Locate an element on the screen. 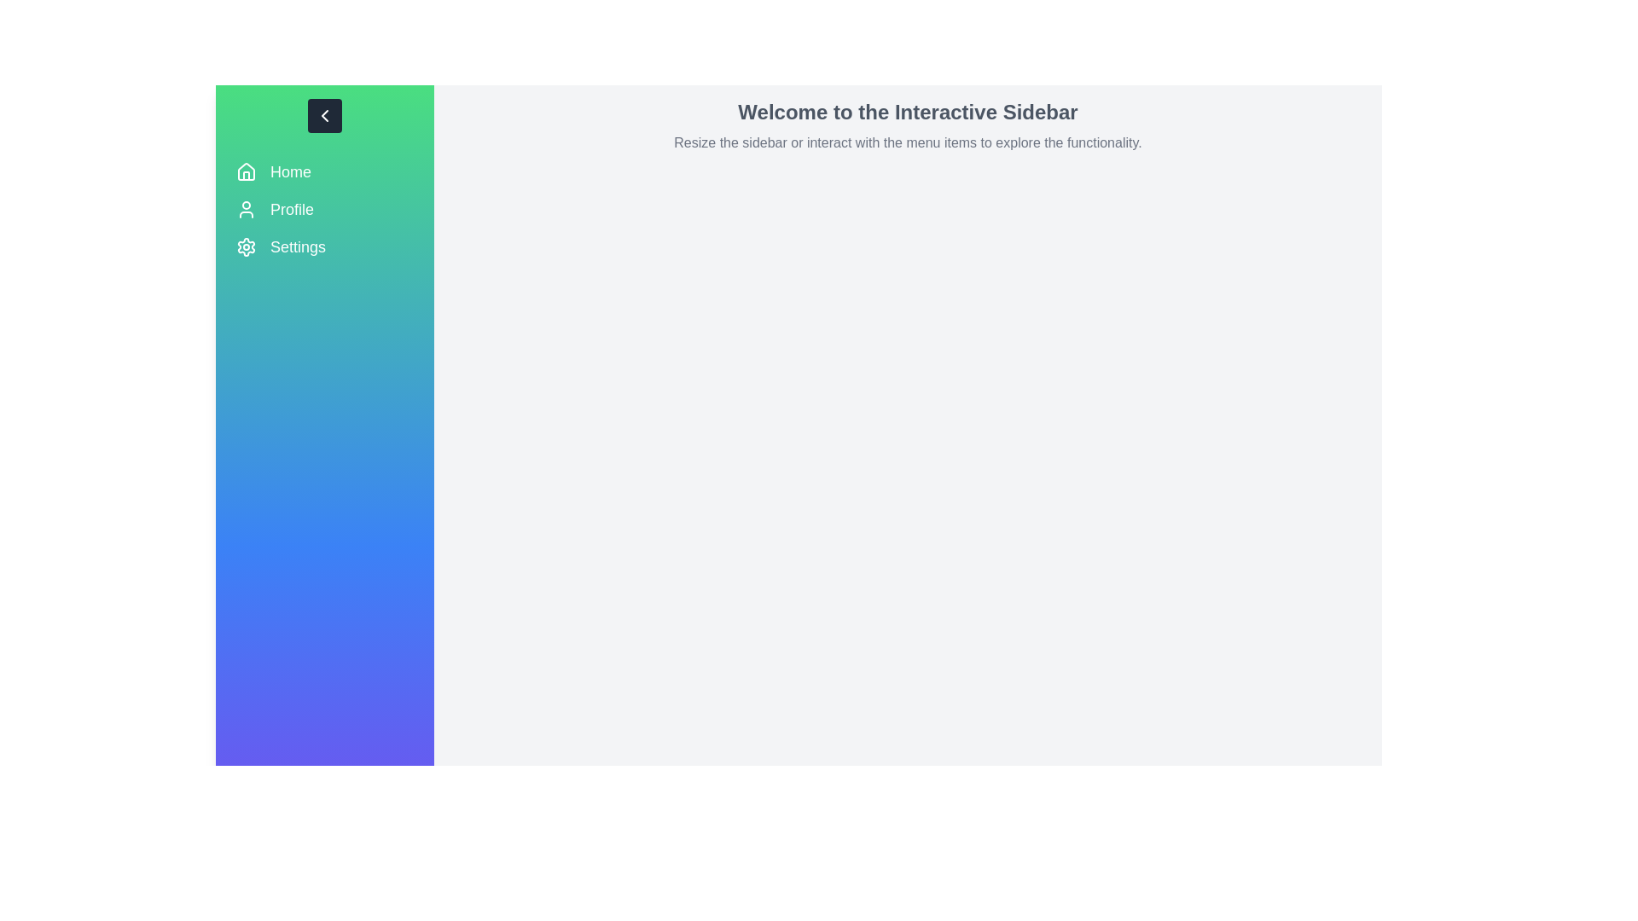 This screenshot has height=921, width=1638. the menu item Home to navigate to the corresponding section is located at coordinates (324, 171).